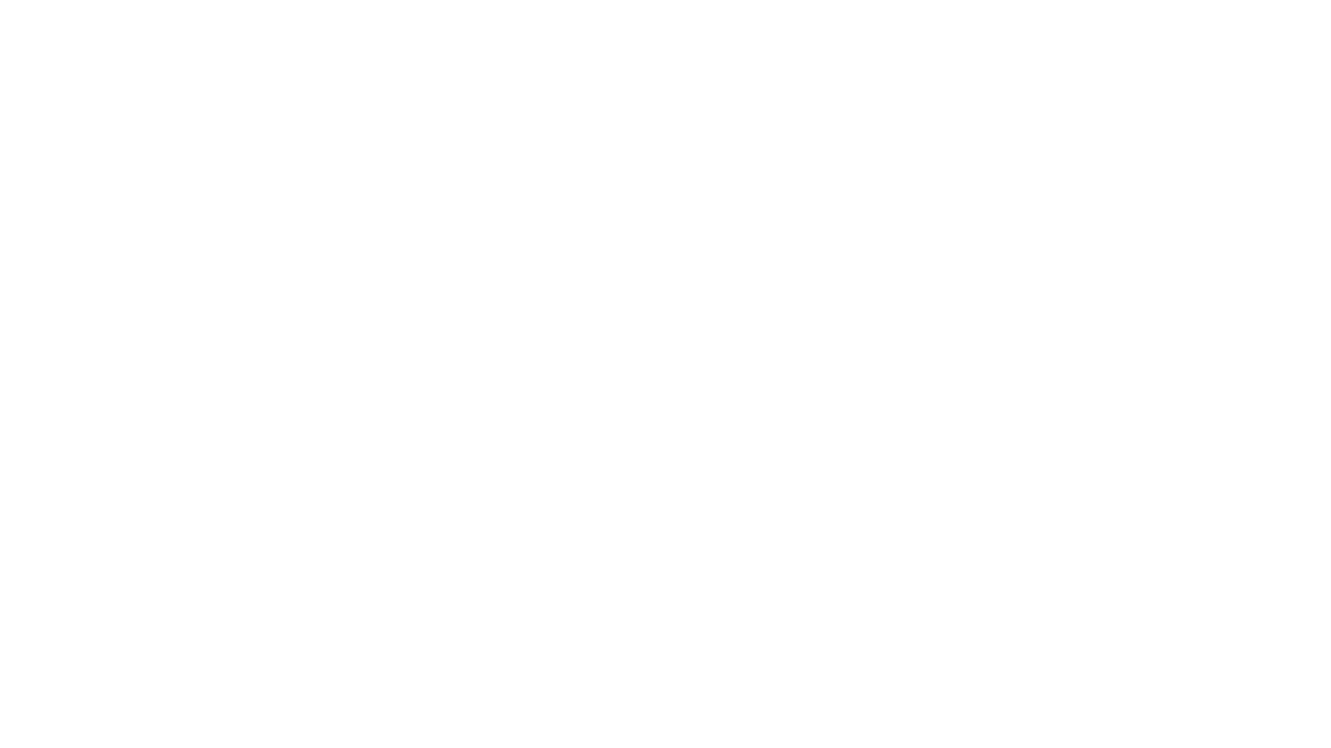  Describe the element at coordinates (863, 44) in the screenshot. I see `Hotel Reservations` at that location.